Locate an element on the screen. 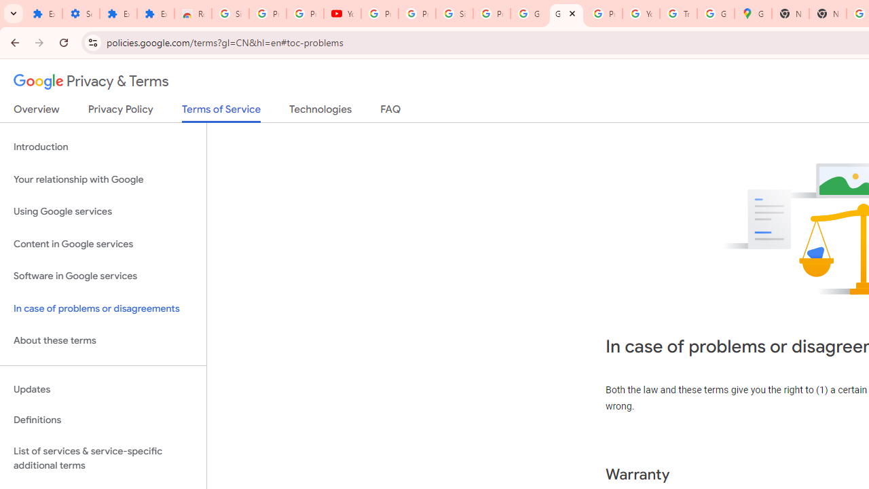  'Reviews: Helix Fruit Jump Arcade Game' is located at coordinates (192, 14).